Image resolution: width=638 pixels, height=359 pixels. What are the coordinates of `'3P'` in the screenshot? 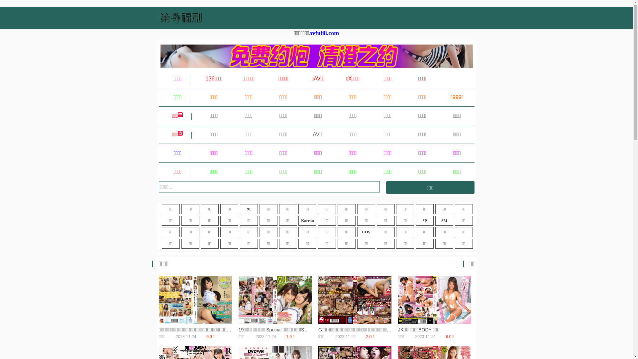 It's located at (424, 220).